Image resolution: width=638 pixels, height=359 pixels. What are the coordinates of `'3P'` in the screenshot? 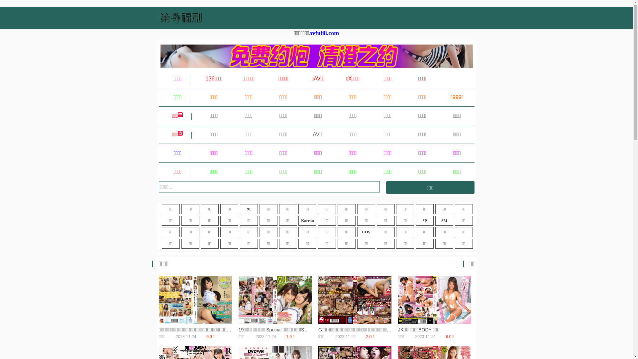 It's located at (424, 220).